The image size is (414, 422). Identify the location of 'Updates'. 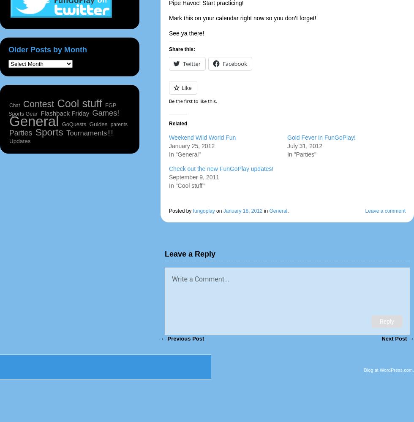
(20, 141).